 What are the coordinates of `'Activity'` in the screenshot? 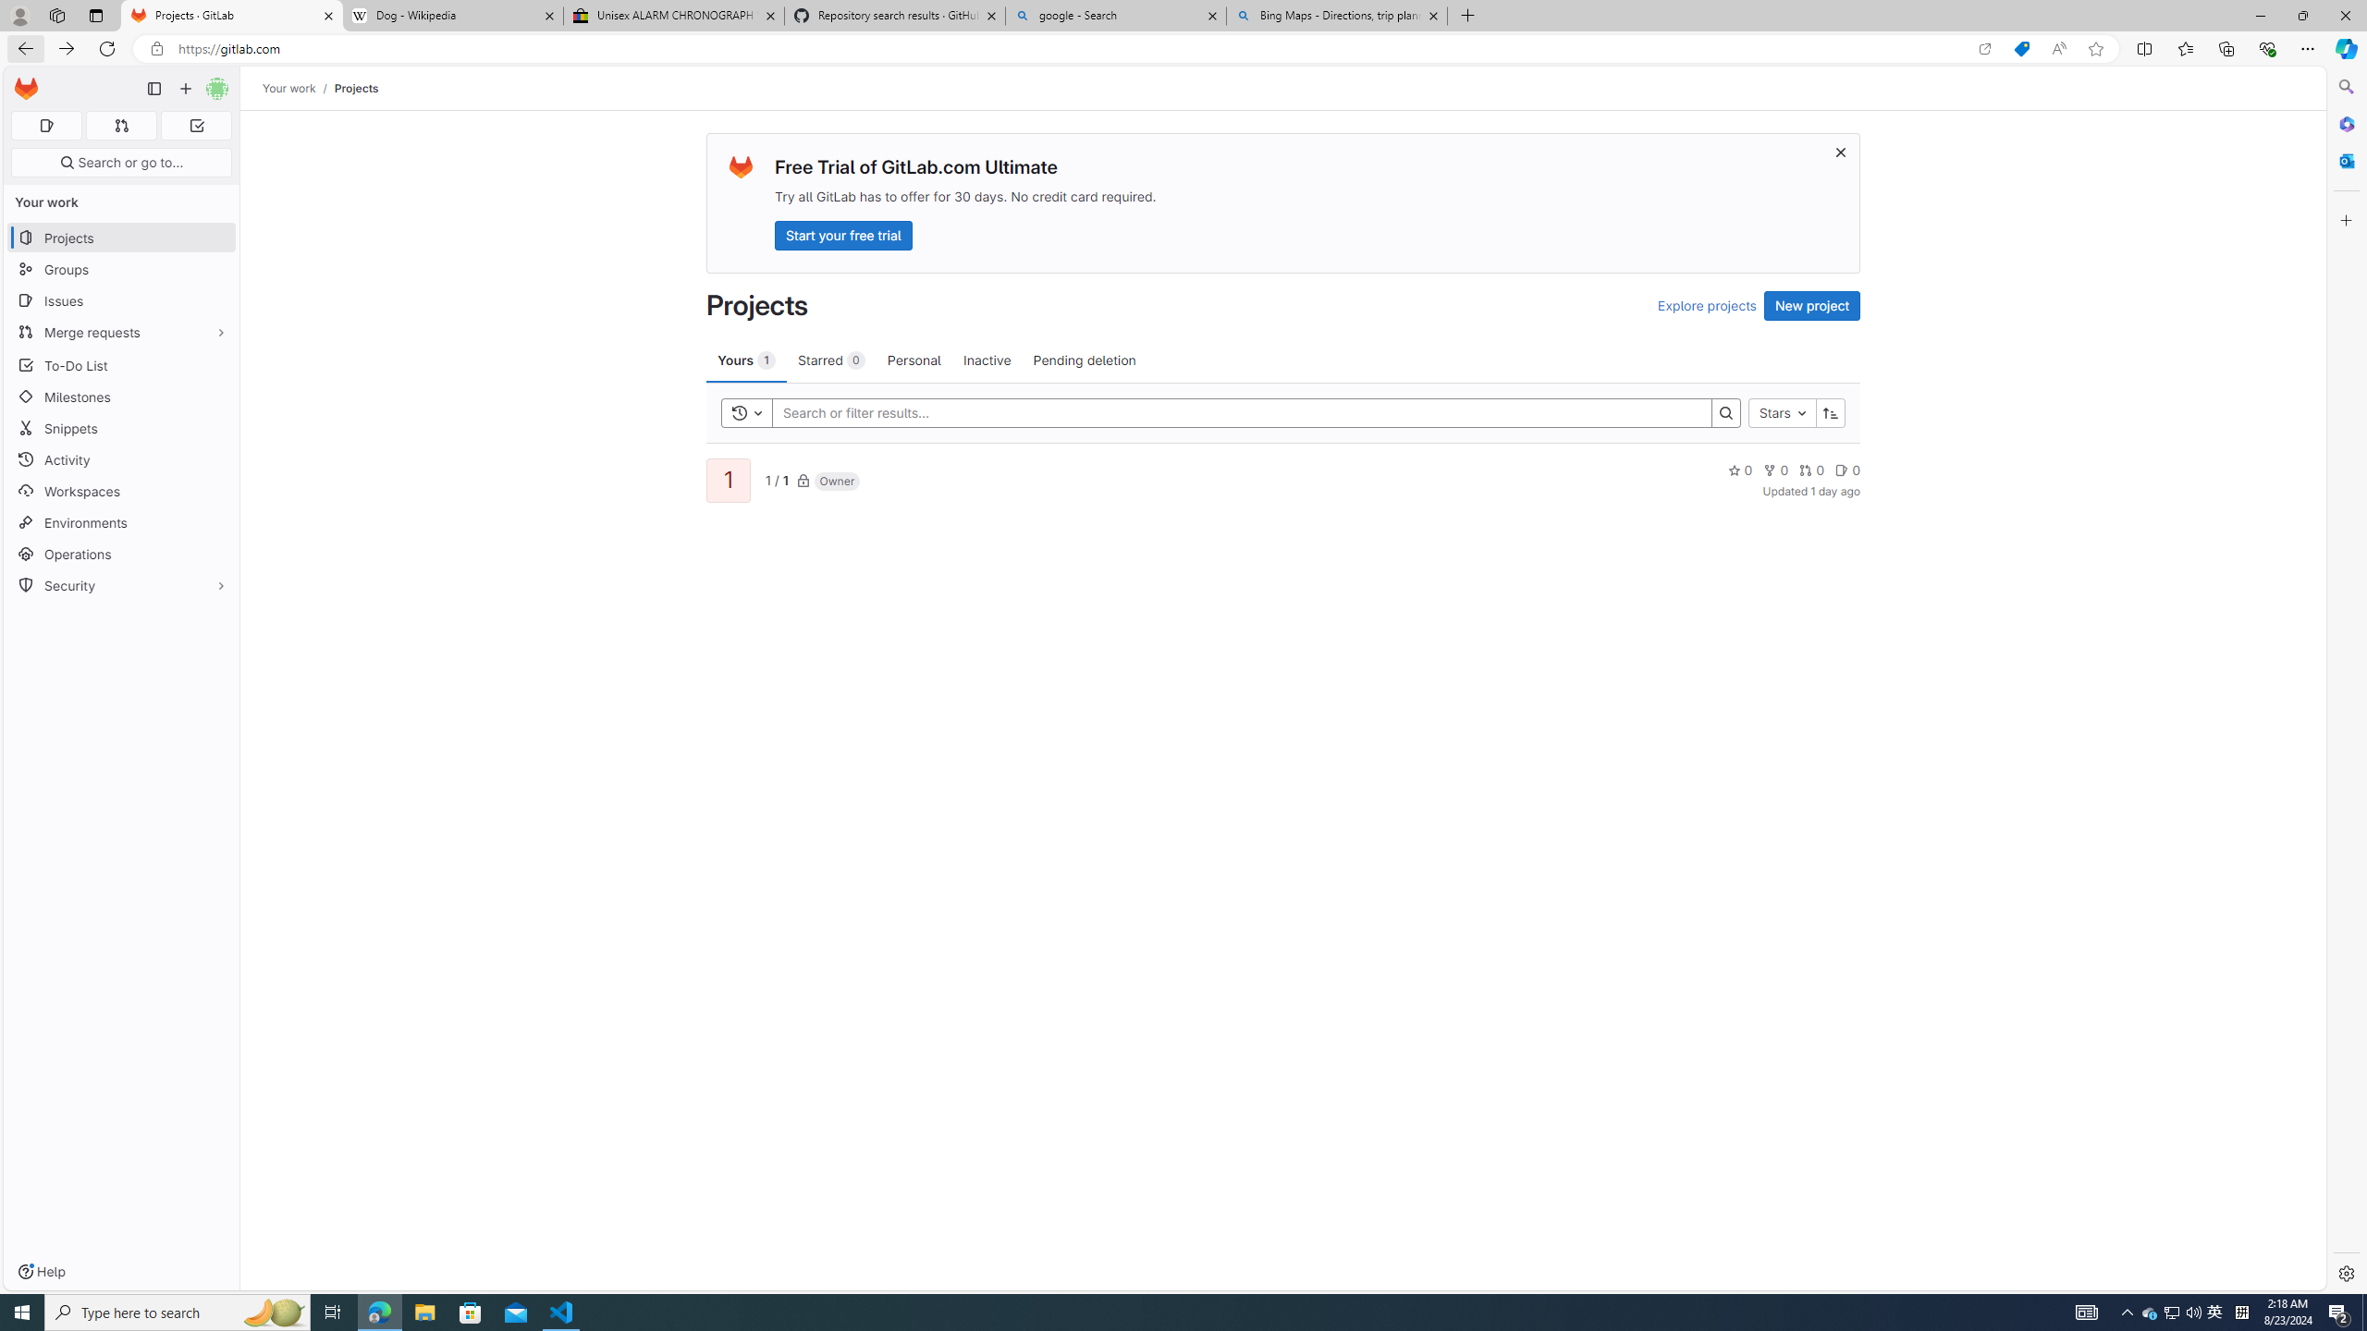 It's located at (120, 459).